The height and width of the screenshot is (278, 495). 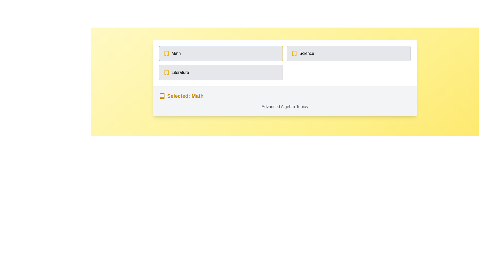 I want to click on the unique yellow bookmark icon that indicates the selection of the 'Math' subject, located to the left of the 'Math' label in the subject tabs, so click(x=294, y=54).